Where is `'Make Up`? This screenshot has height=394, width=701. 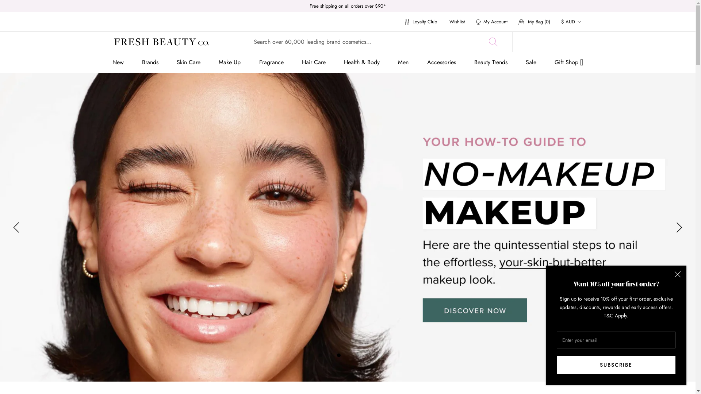 'Make Up is located at coordinates (229, 62).